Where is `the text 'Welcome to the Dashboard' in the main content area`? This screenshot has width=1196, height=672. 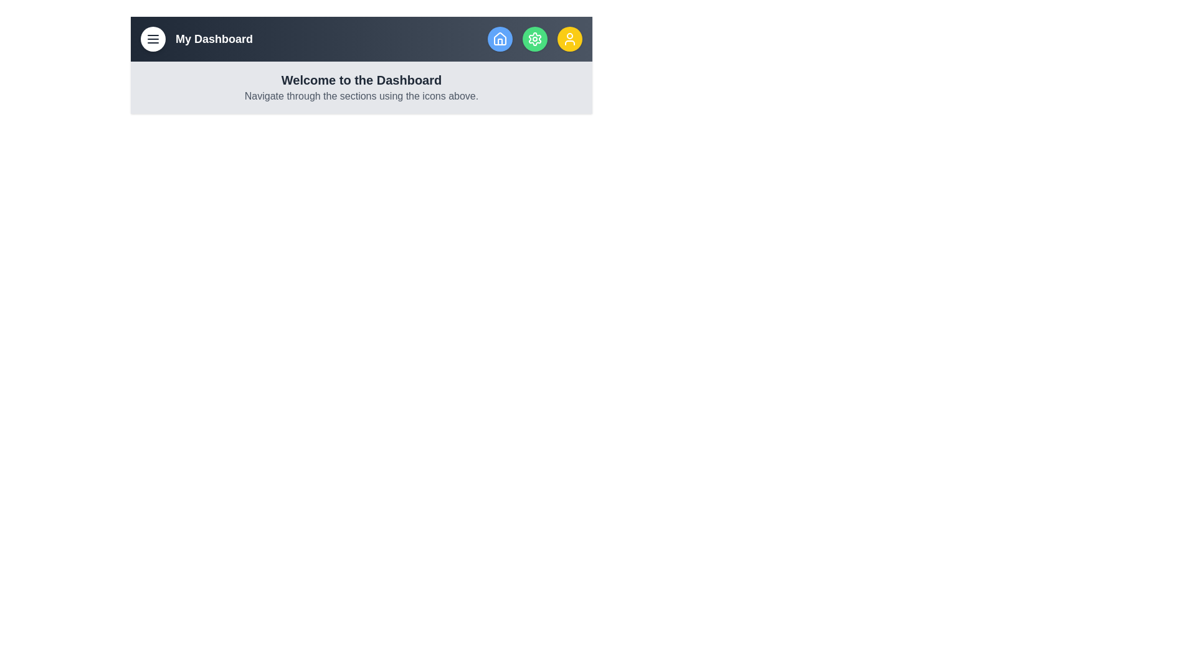
the text 'Welcome to the Dashboard' in the main content area is located at coordinates (361, 80).